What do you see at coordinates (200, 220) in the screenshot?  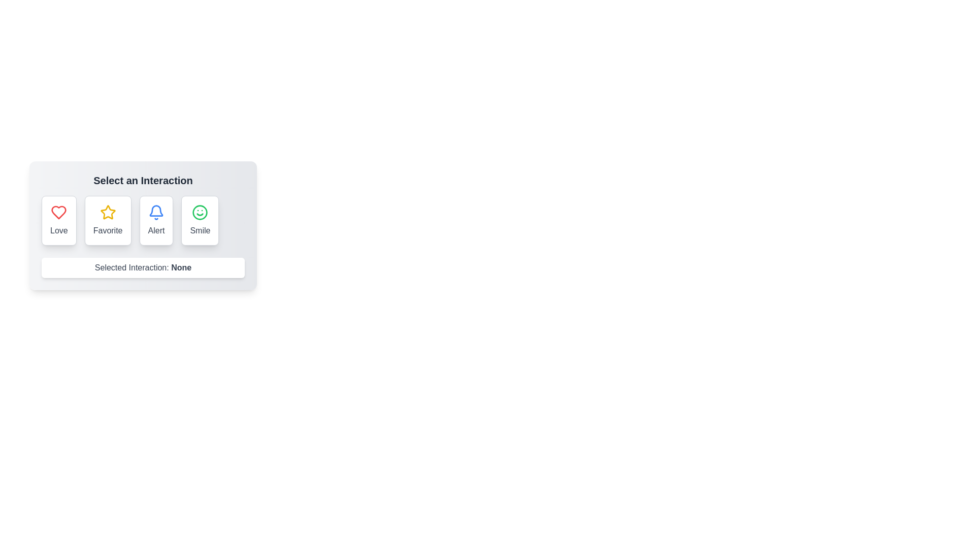 I see `the button labeled Smile to observe the hover effect` at bounding box center [200, 220].